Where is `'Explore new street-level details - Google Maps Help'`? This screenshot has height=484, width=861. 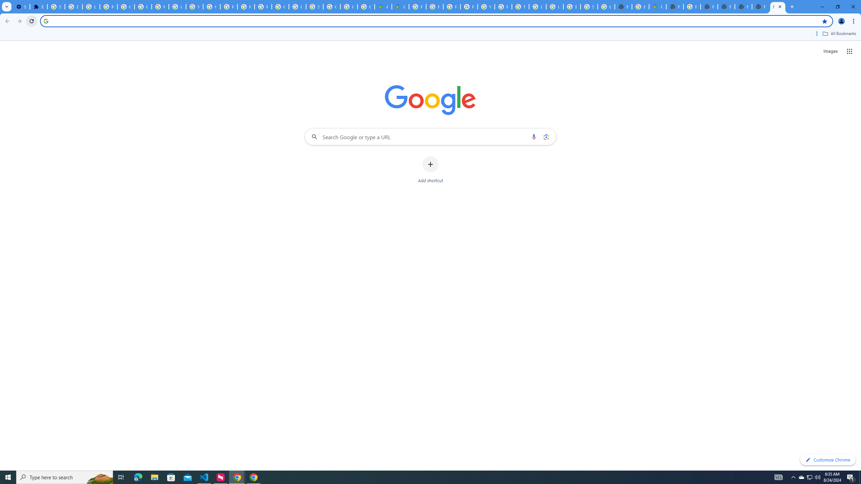 'Explore new street-level details - Google Maps Help' is located at coordinates (640, 6).